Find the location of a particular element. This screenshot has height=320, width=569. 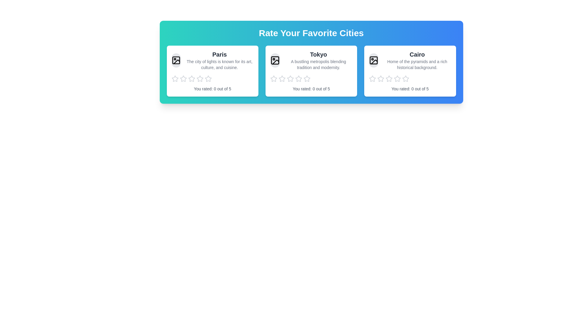

the third star icon in the rating system under the 'Cairo' card is located at coordinates (397, 78).